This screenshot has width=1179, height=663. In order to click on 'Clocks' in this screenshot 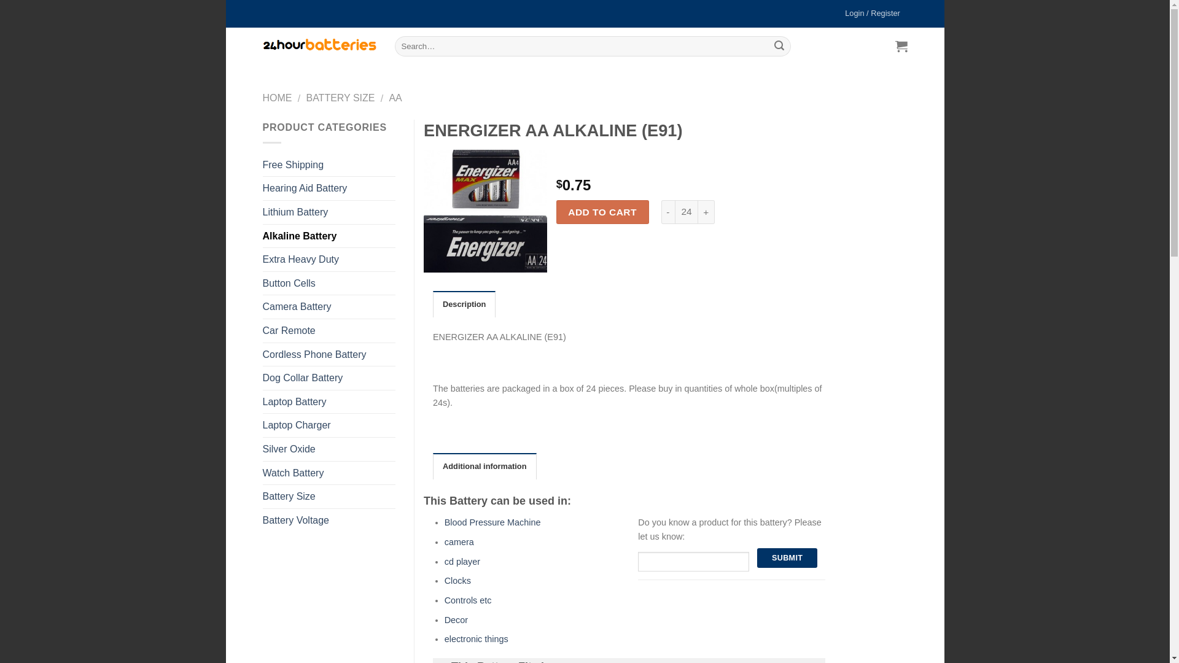, I will do `click(457, 580)`.